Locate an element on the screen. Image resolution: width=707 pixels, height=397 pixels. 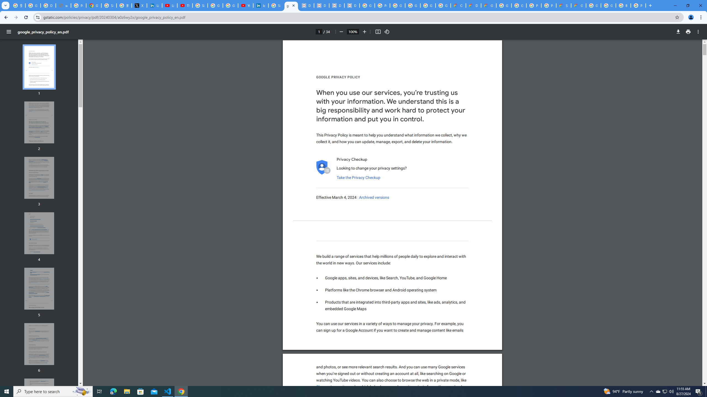
'Gemini for Business and Developers | Google Cloud' is located at coordinates (488, 5).